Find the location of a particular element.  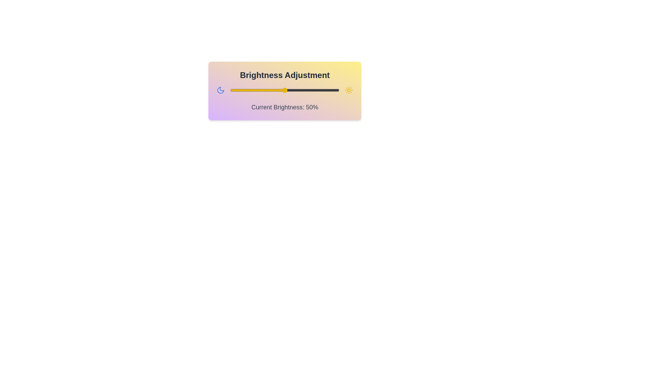

the brightness slider to 83% is located at coordinates (320, 90).